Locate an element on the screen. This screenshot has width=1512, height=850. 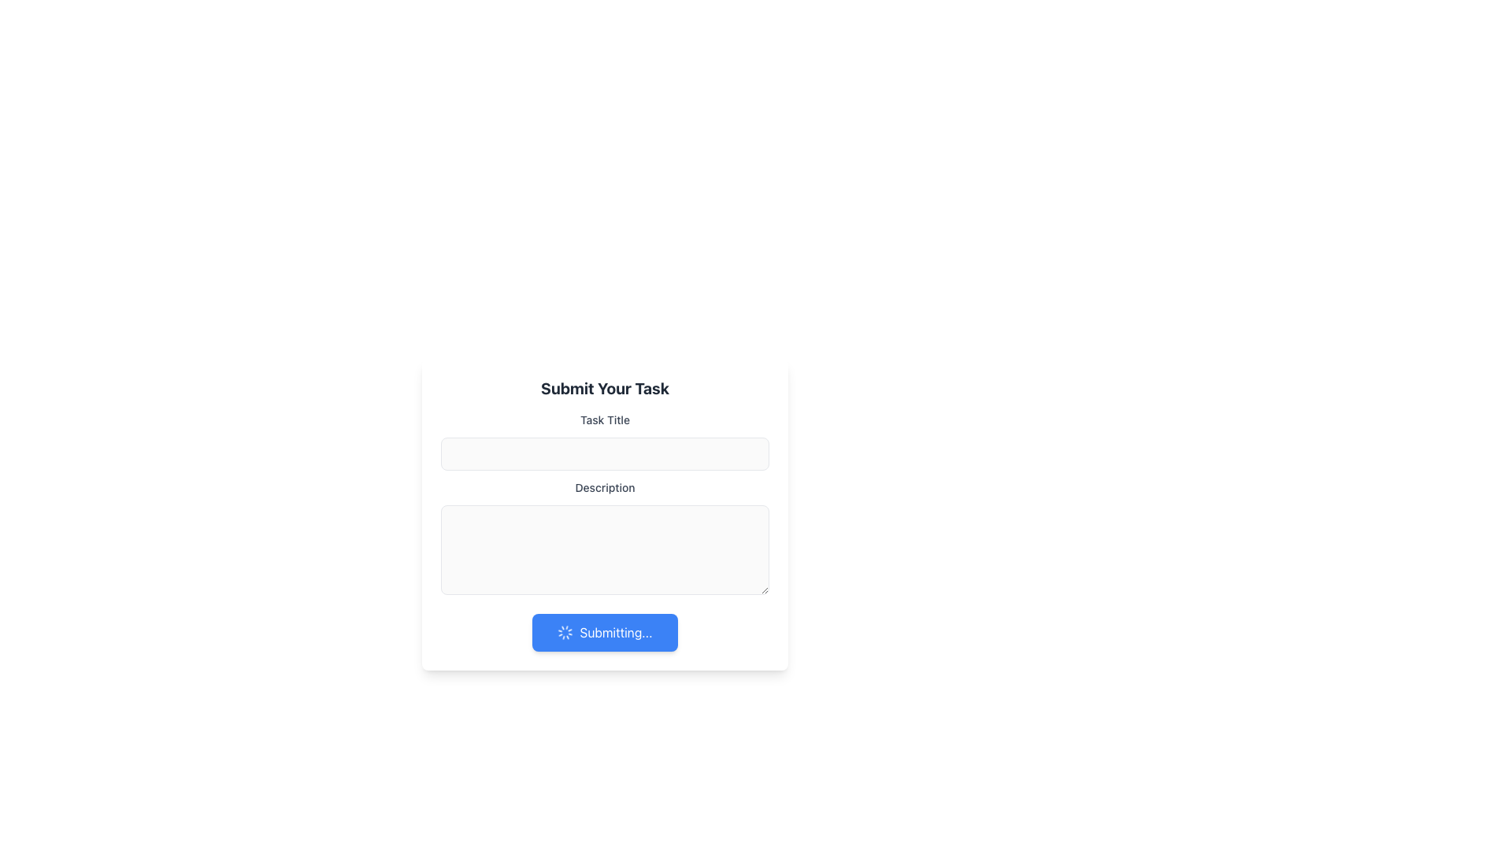
the blue button with rounded corners and white text that reads 'Submitting...' which is positioned at the bottom of the form is located at coordinates (604, 631).